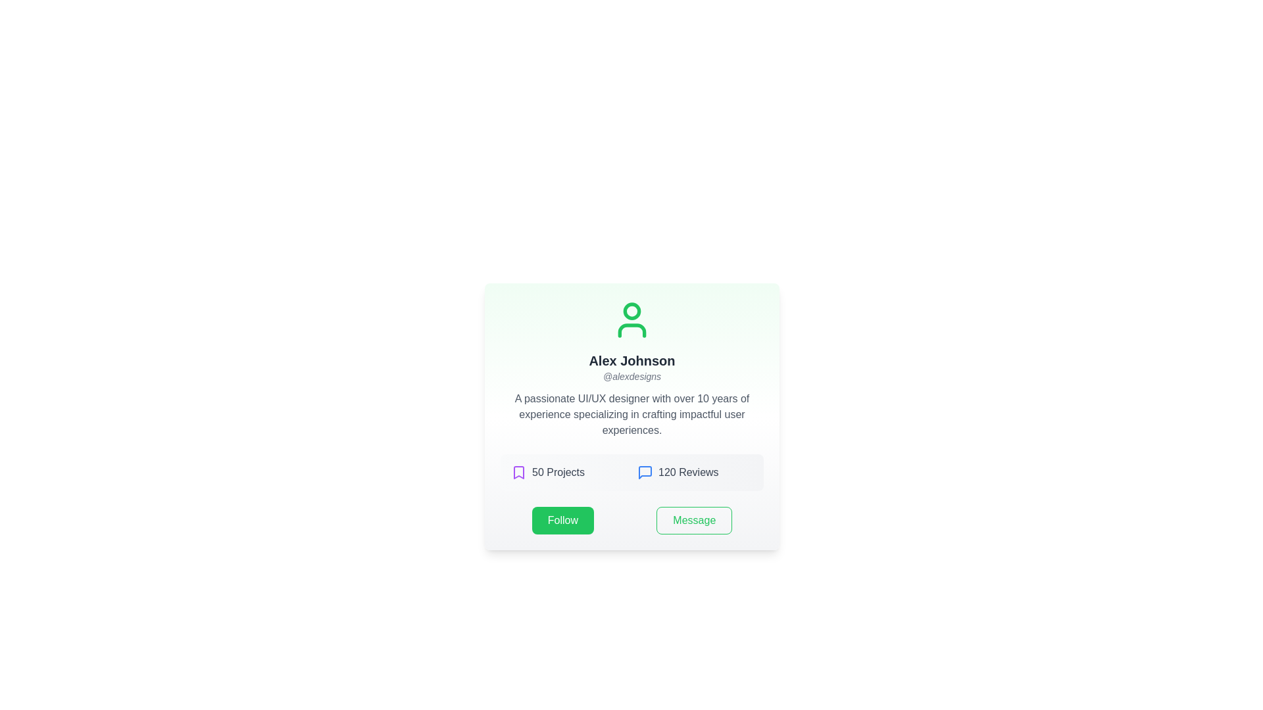 This screenshot has width=1263, height=710. What do you see at coordinates (631, 311) in the screenshot?
I see `the decorative icon situated at the center of the circular avatar icon above the text 'Alex Johnson' on the card interface` at bounding box center [631, 311].